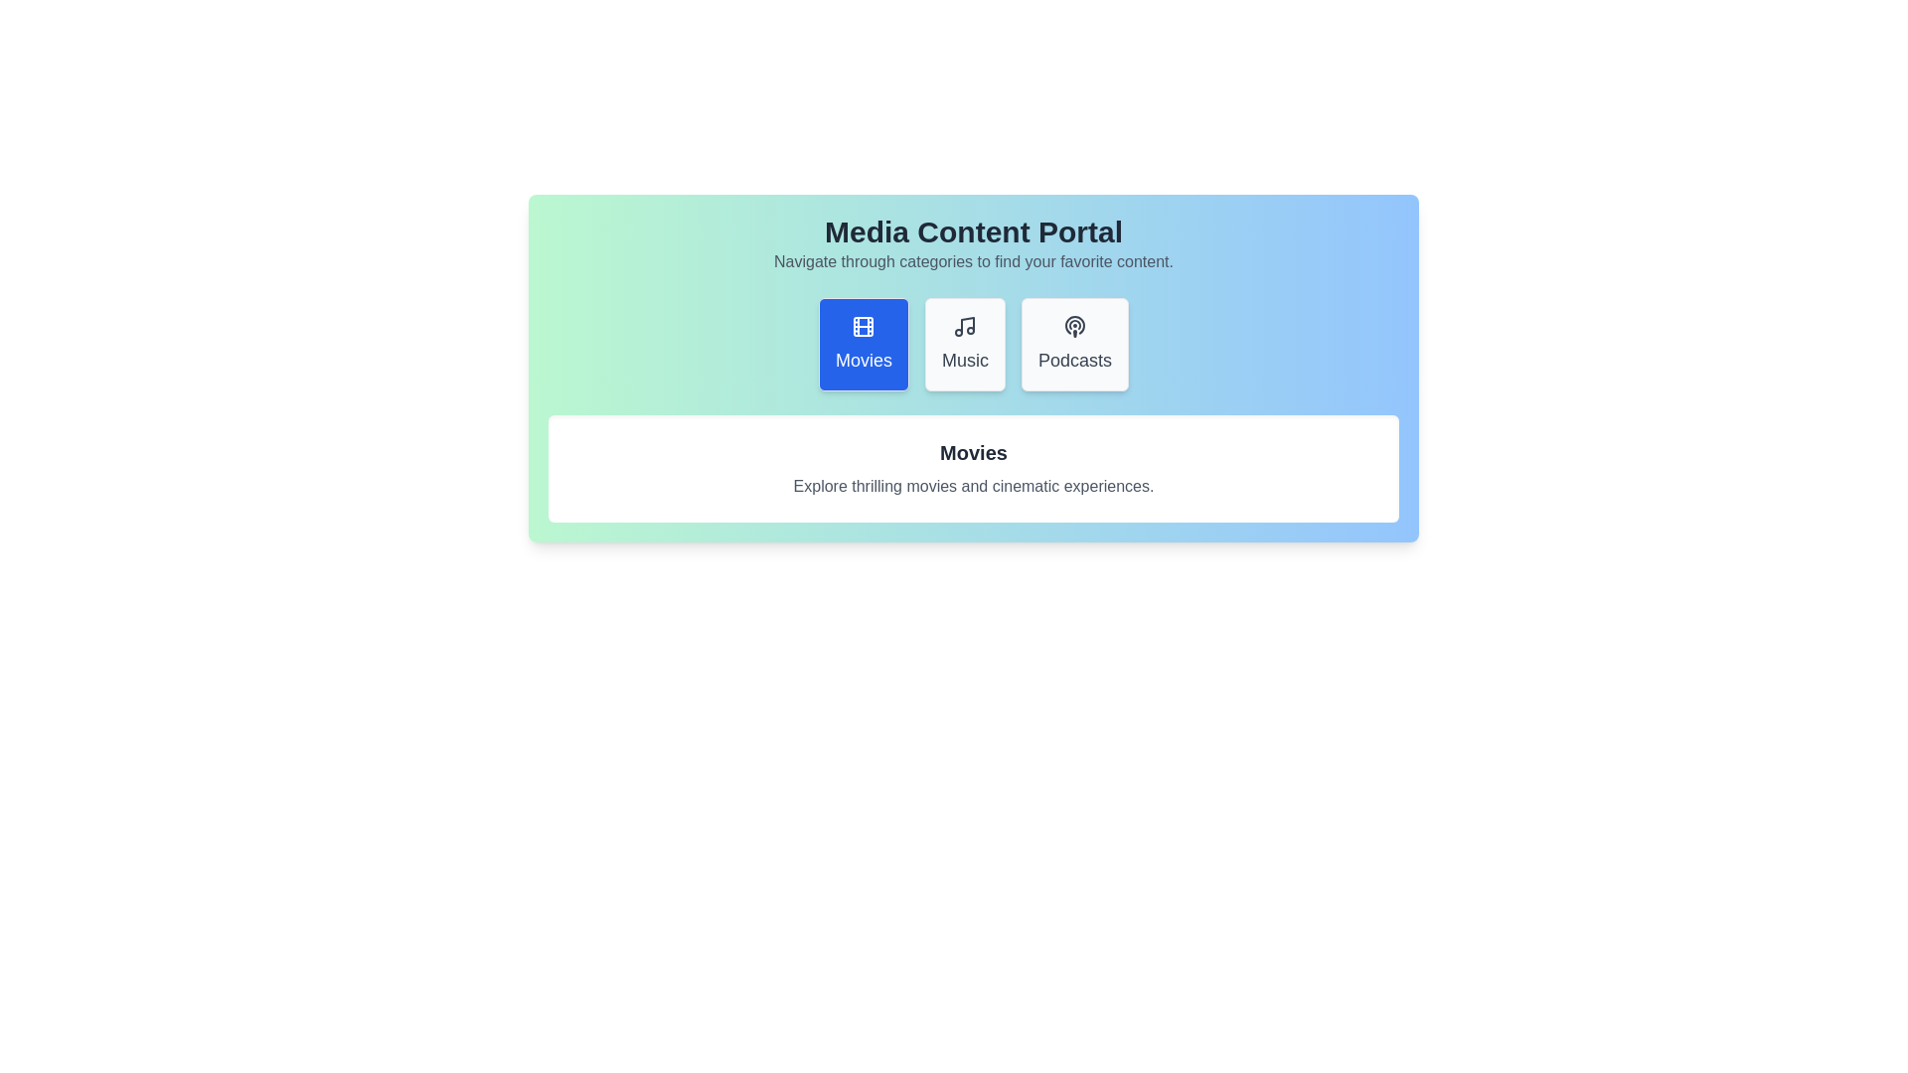 The height and width of the screenshot is (1073, 1908). Describe the element at coordinates (863, 344) in the screenshot. I see `the button labeled Movies` at that location.